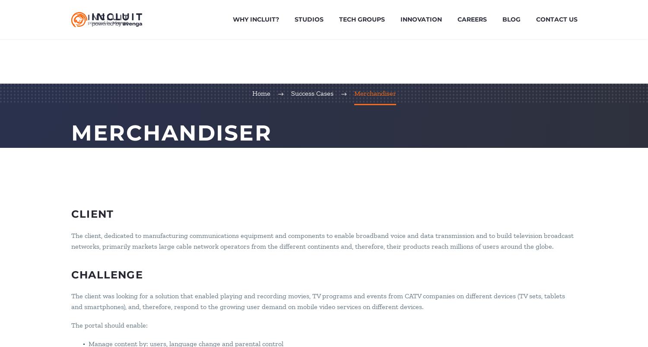  Describe the element at coordinates (556, 19) in the screenshot. I see `'Contact Us'` at that location.